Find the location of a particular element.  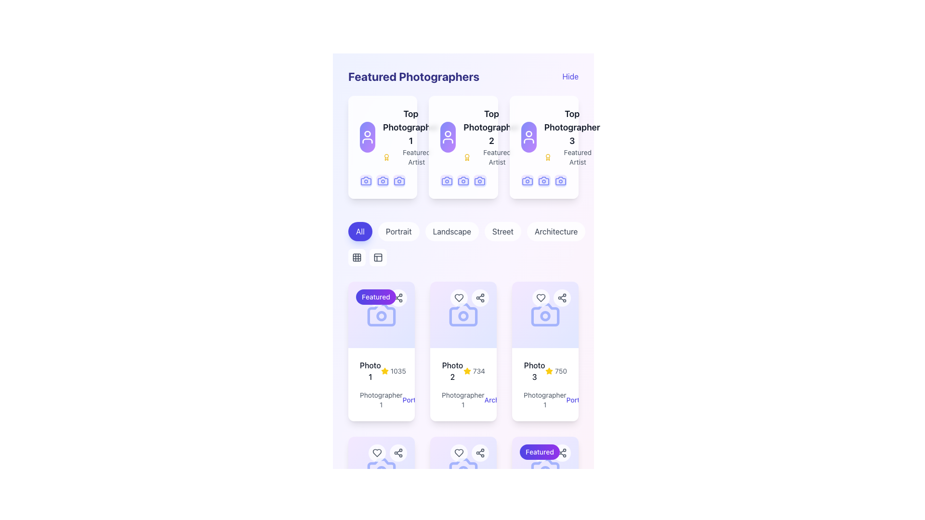

the Avatar or Profile Picture Placeholder in the second card titled 'Top Photographer 2' in the 'Featured Photographers' section is located at coordinates (448, 137).